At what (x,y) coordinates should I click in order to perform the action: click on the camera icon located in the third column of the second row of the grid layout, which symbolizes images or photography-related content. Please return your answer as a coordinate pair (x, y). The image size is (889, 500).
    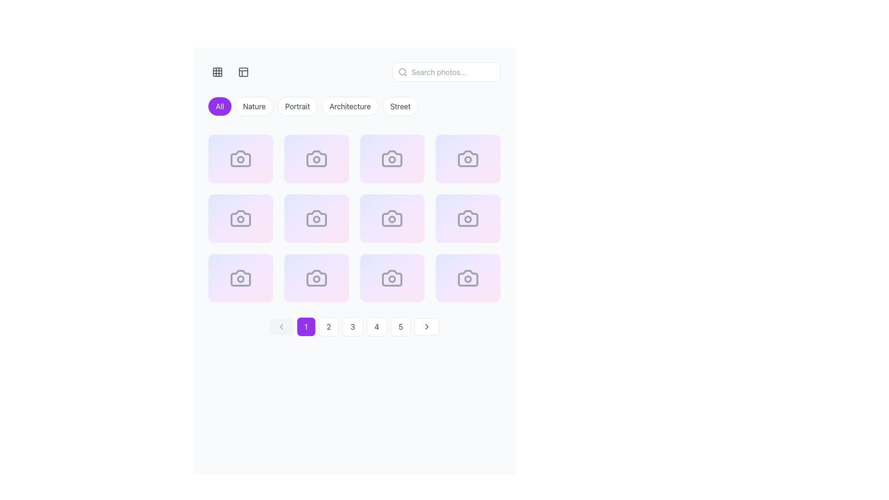
    Looking at the image, I should click on (468, 158).